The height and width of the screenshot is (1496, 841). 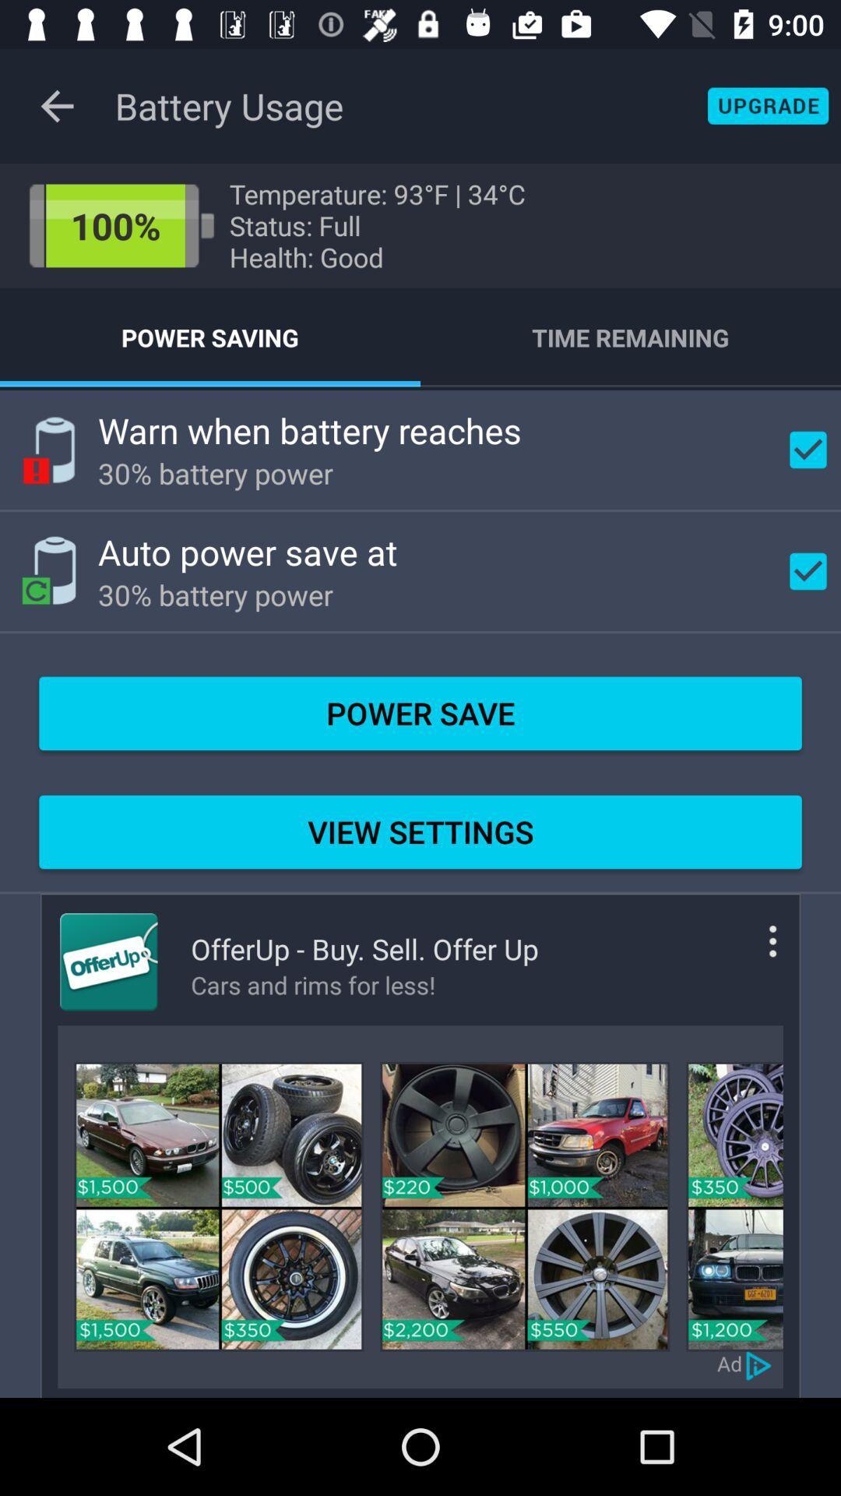 What do you see at coordinates (107, 961) in the screenshot?
I see `open offerup app` at bounding box center [107, 961].